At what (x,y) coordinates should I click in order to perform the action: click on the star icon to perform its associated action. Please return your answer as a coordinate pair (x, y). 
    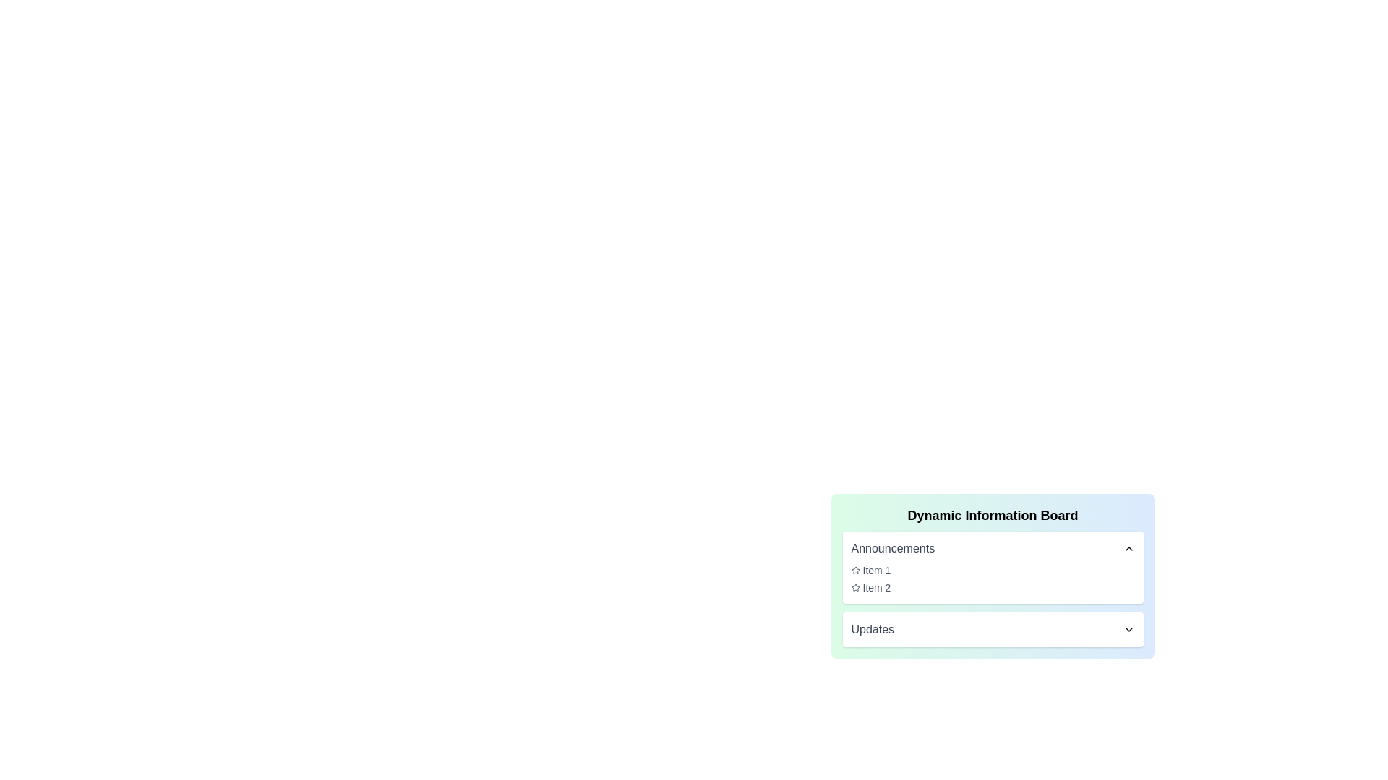
    Looking at the image, I should click on (855, 570).